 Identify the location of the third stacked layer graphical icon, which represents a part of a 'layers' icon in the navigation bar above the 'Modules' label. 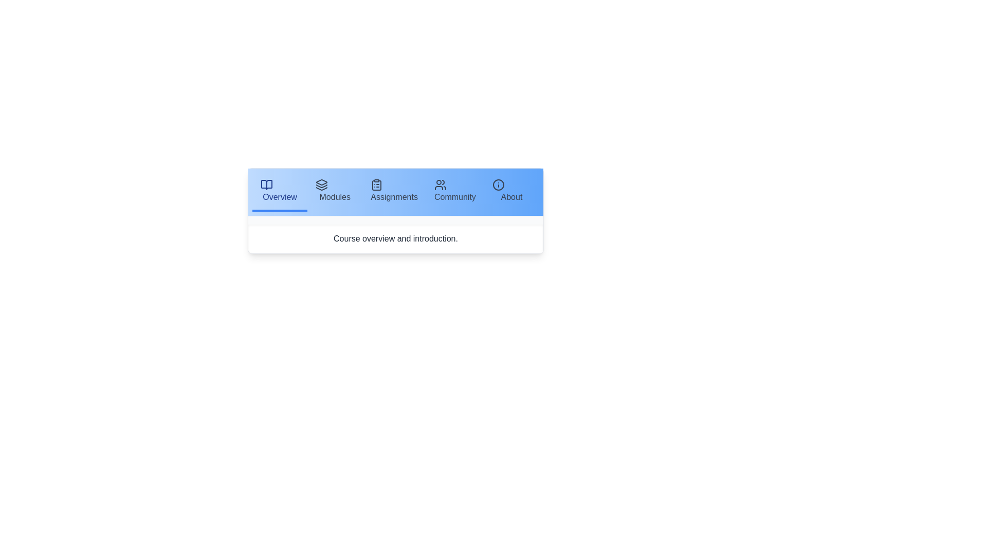
(321, 189).